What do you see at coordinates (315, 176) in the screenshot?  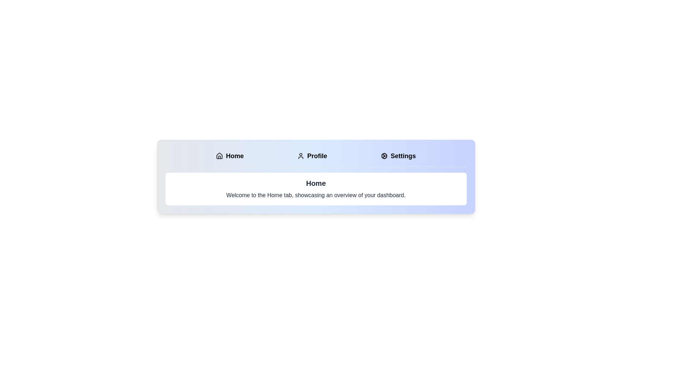 I see `the navigation bar tab to switch views between 'Home', 'Profile', and 'Settings'` at bounding box center [315, 176].